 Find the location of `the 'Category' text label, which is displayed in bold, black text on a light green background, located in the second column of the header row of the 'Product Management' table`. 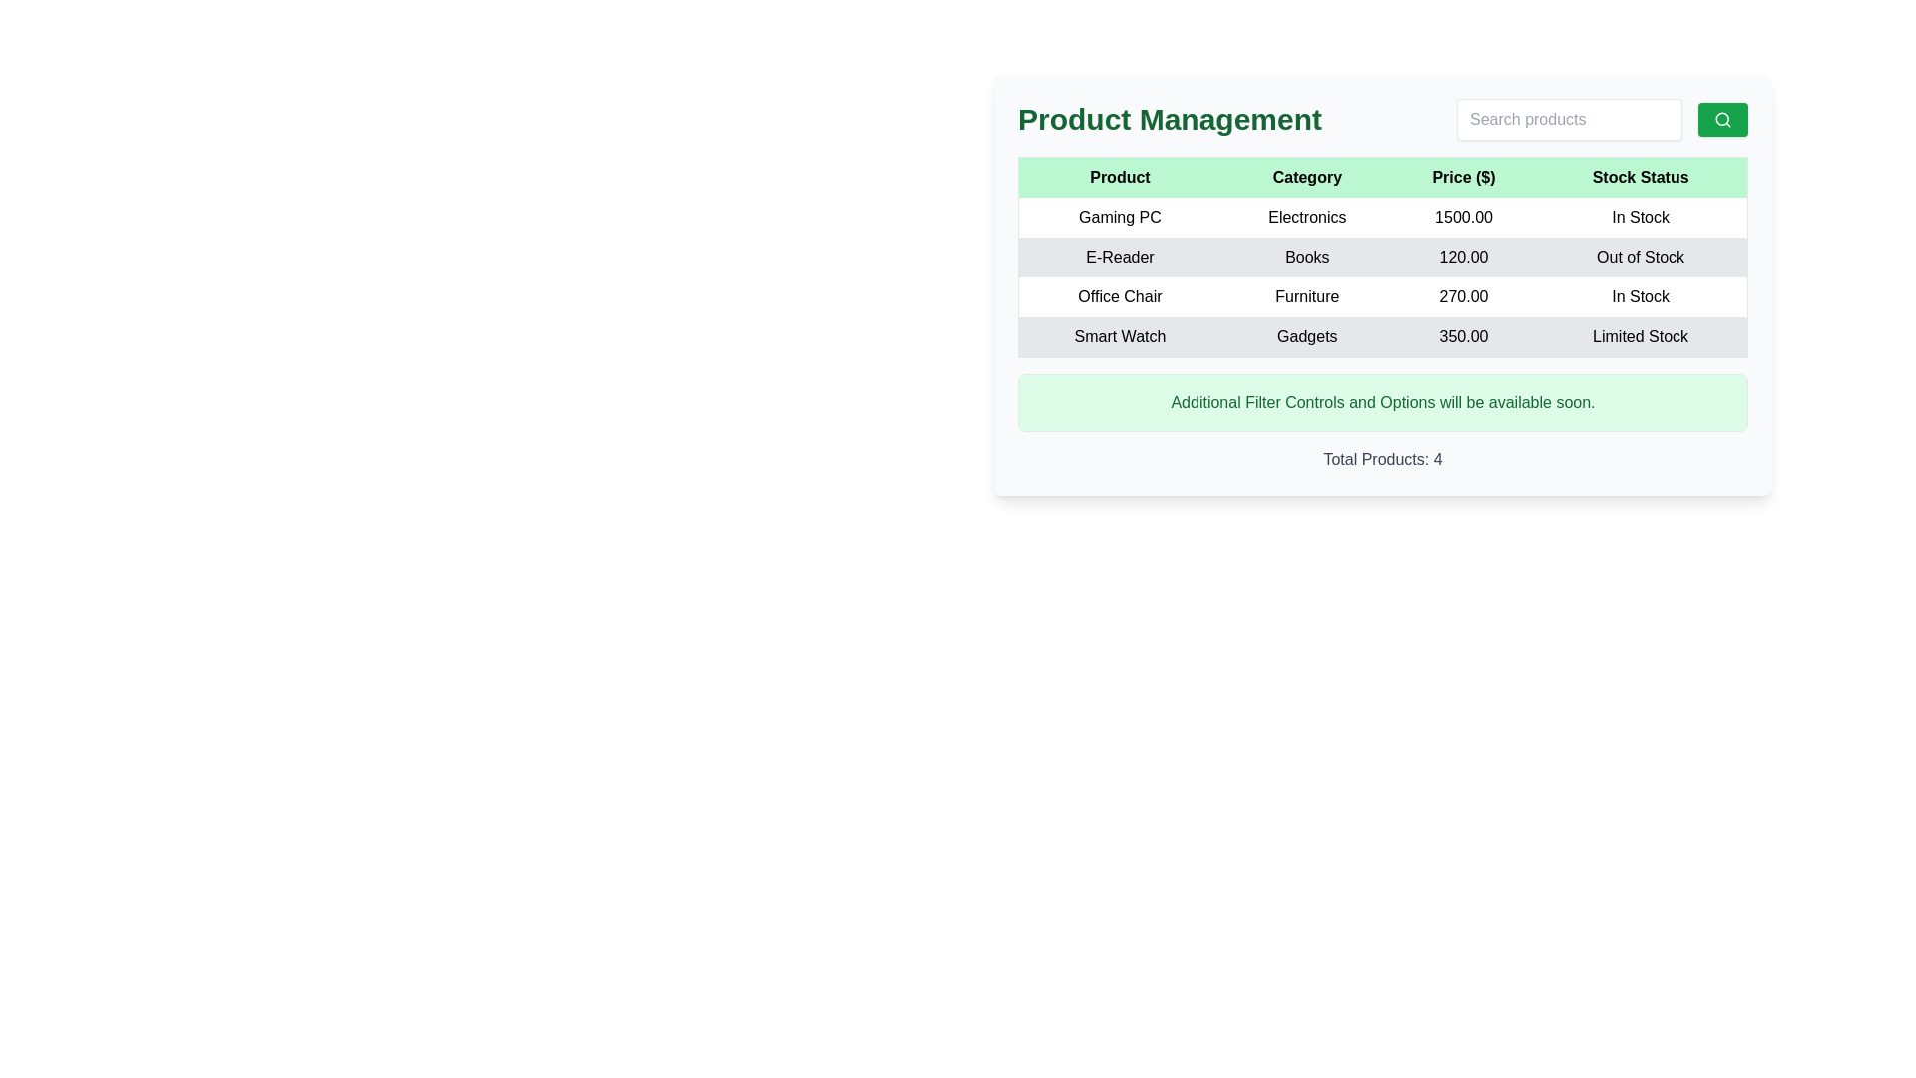

the 'Category' text label, which is displayed in bold, black text on a light green background, located in the second column of the header row of the 'Product Management' table is located at coordinates (1307, 176).